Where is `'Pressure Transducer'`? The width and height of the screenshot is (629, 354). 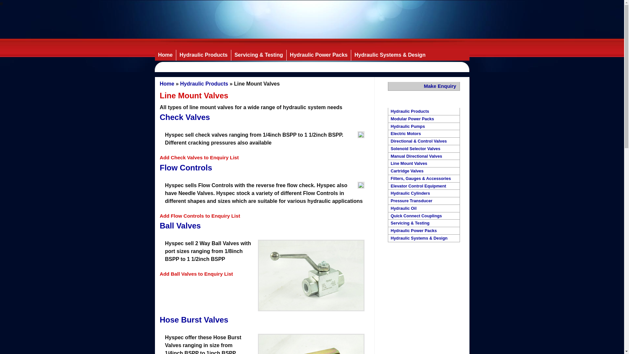
'Pressure Transducer' is located at coordinates (423, 201).